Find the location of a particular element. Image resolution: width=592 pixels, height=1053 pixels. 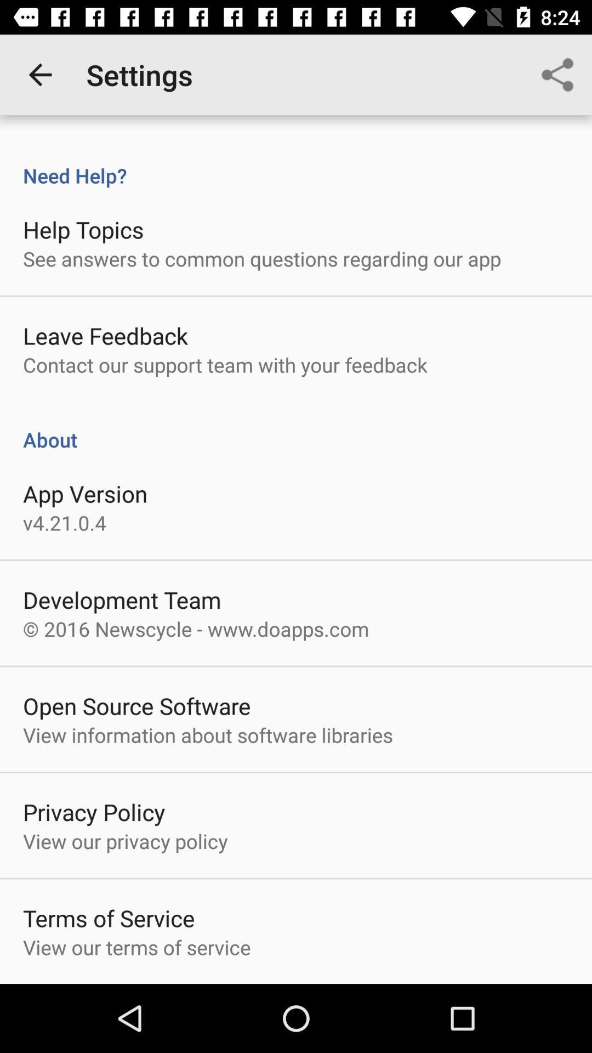

the icon above help topics icon is located at coordinates (296, 163).